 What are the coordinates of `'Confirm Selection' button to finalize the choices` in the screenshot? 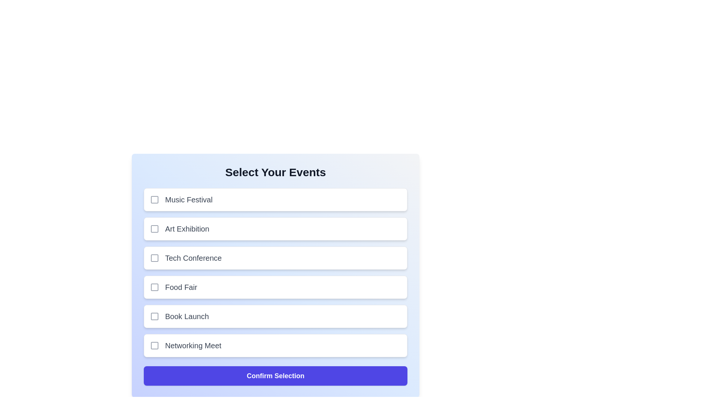 It's located at (275, 376).